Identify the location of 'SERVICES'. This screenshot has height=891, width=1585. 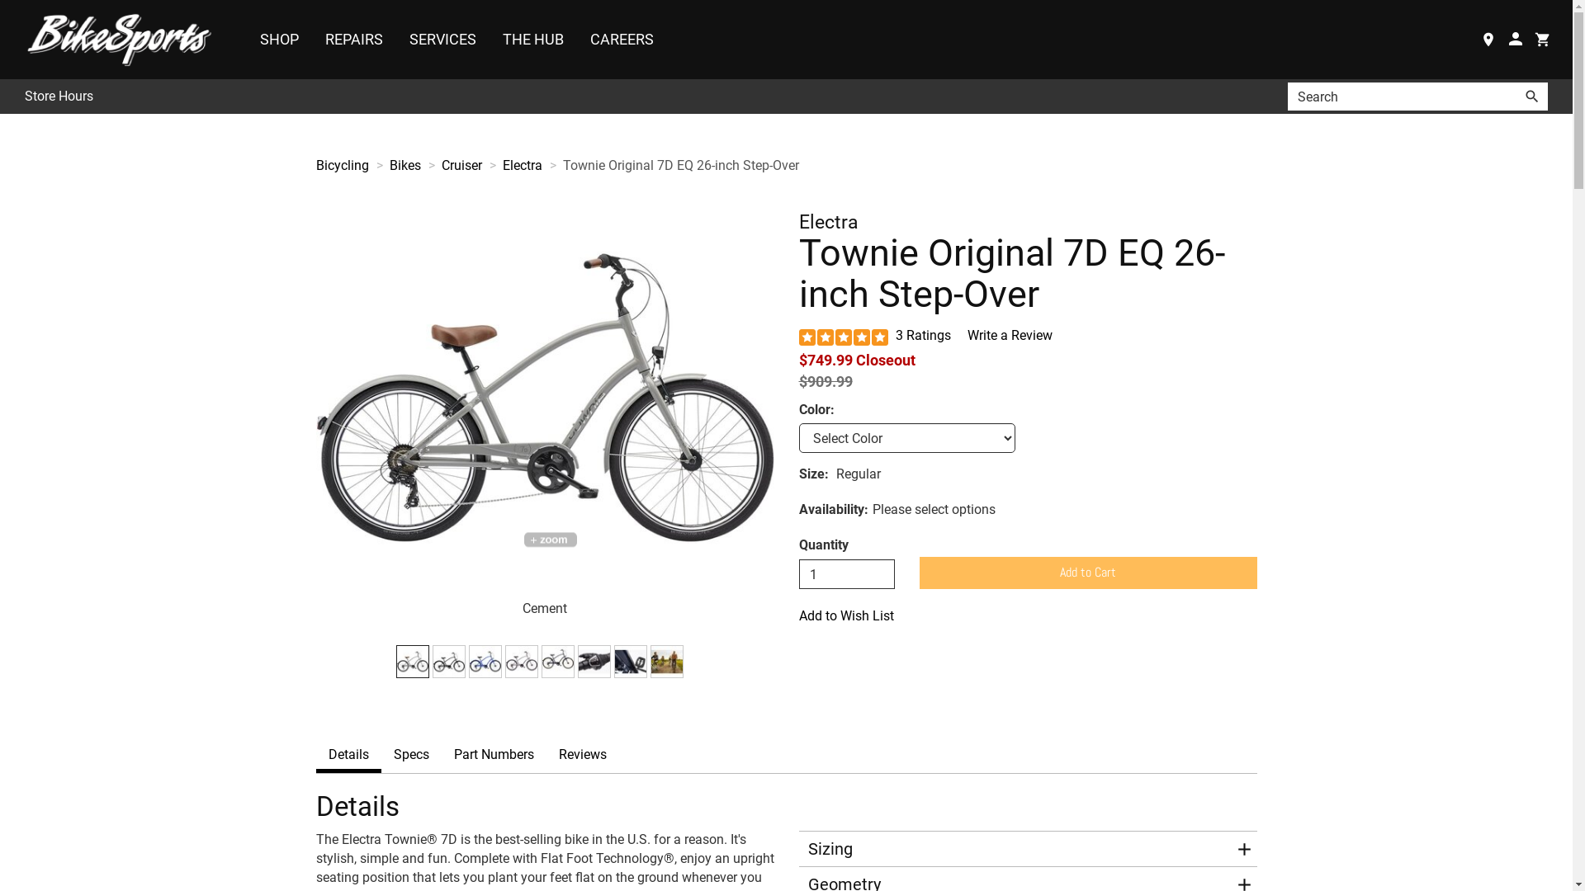
(396, 38).